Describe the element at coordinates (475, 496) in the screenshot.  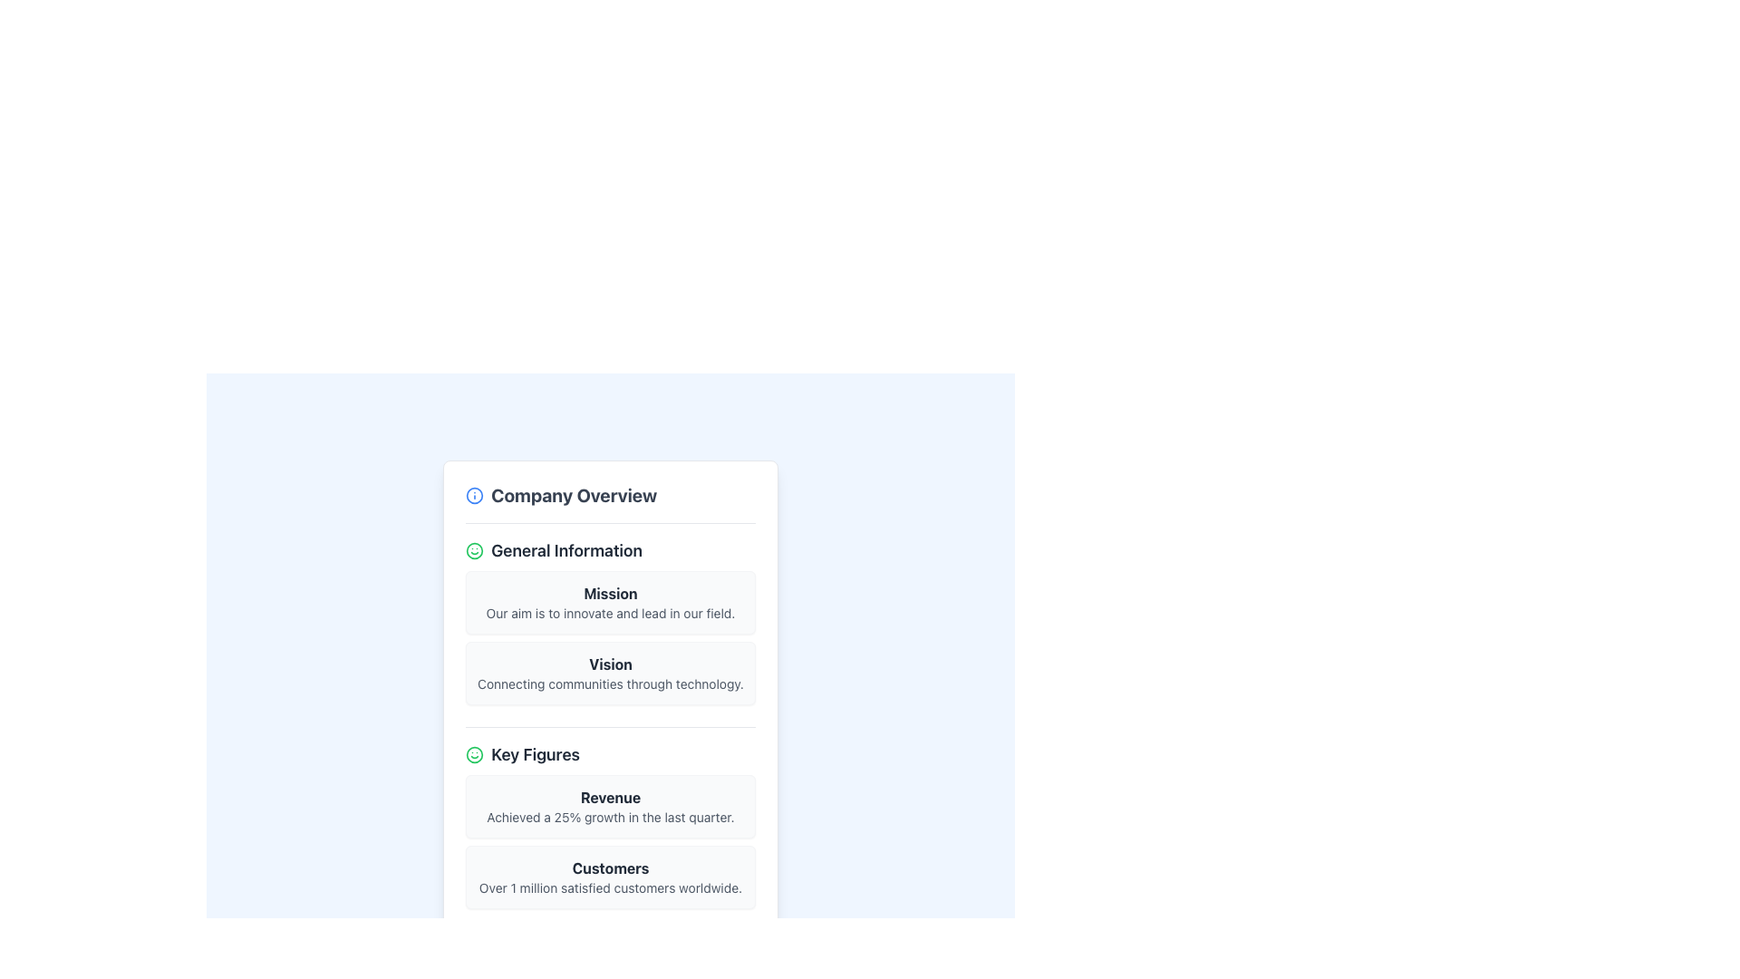
I see `the informational icon located on the far left of the header for the 'Company Overview' section` at that location.